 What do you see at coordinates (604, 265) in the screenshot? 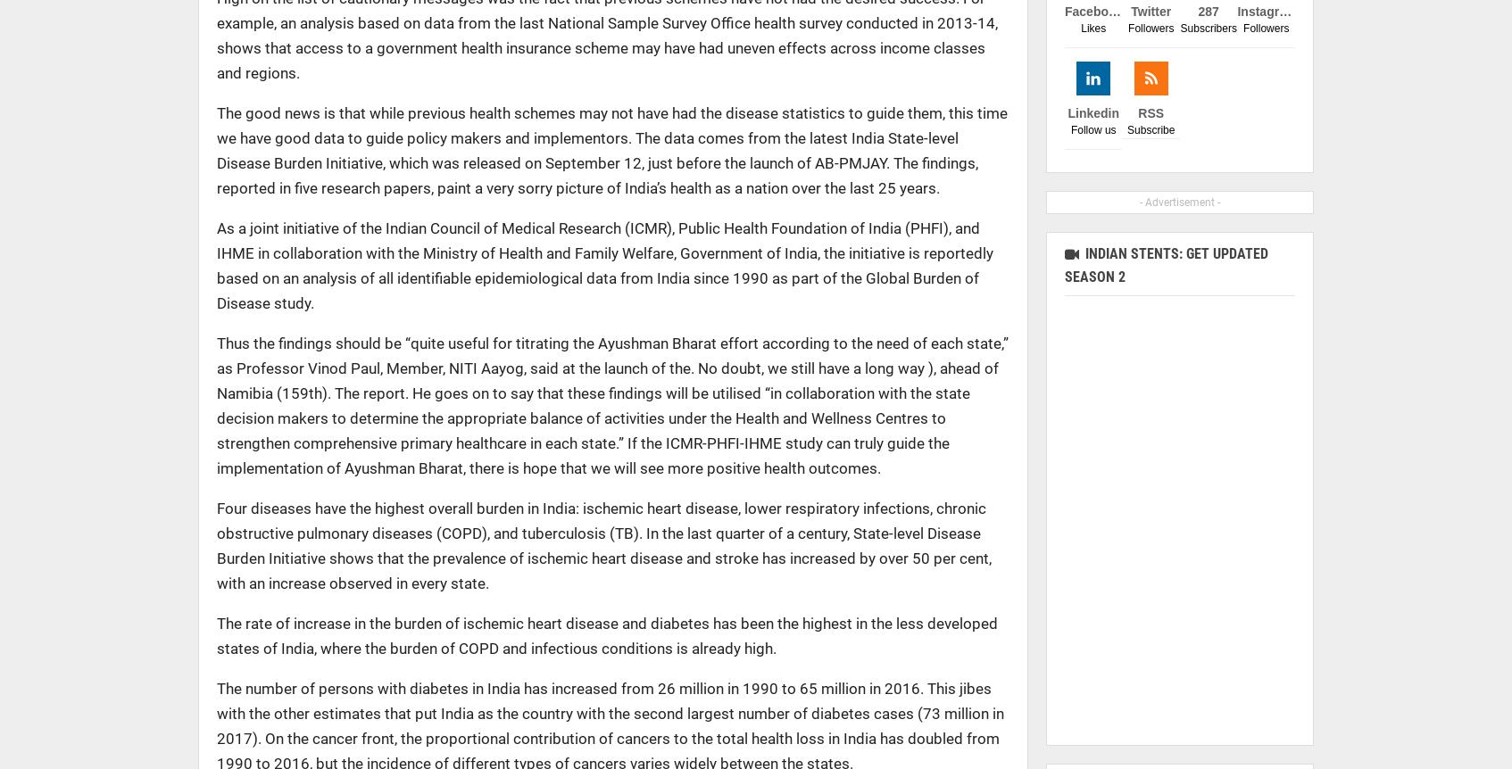
I see `'As a joint initiative of the Indian Council of Medical Research (ICMR), Public Health Foundation of India (PHFI), and IHME in collaboration with the Ministry of Health and Family Welfare, Government of India, the initiative is reportedly based on an analysis of all identifiable epidemiological data from India since 1990 as part of the Global Burden of Disease study.'` at bounding box center [604, 265].